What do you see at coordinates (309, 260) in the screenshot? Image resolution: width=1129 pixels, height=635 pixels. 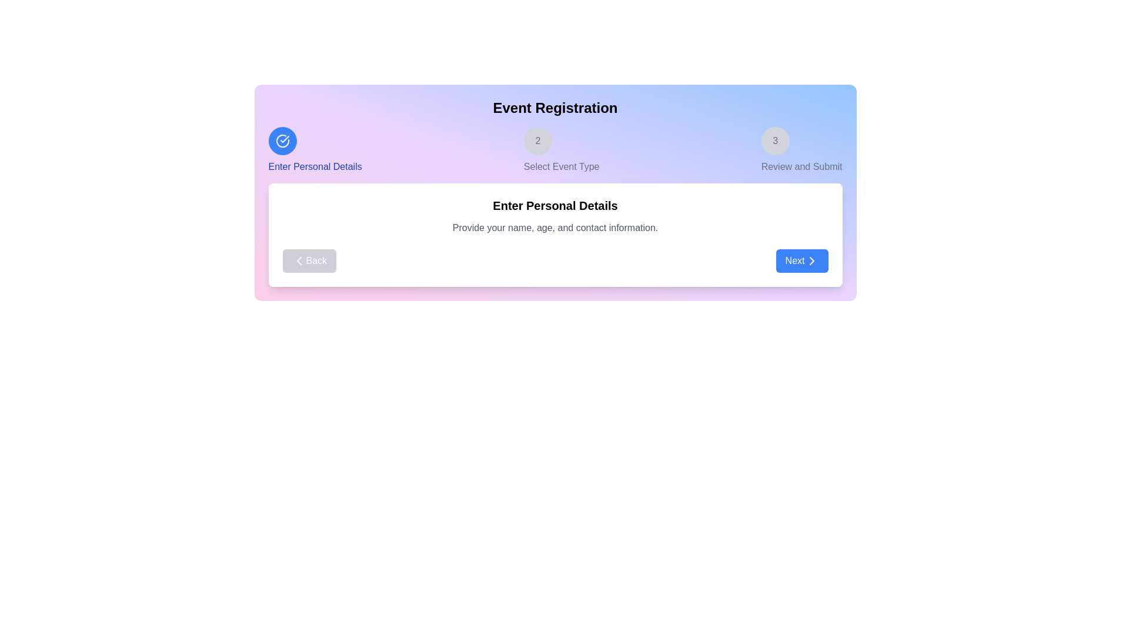 I see `the disabled 'Back' button to observe its behavior` at bounding box center [309, 260].